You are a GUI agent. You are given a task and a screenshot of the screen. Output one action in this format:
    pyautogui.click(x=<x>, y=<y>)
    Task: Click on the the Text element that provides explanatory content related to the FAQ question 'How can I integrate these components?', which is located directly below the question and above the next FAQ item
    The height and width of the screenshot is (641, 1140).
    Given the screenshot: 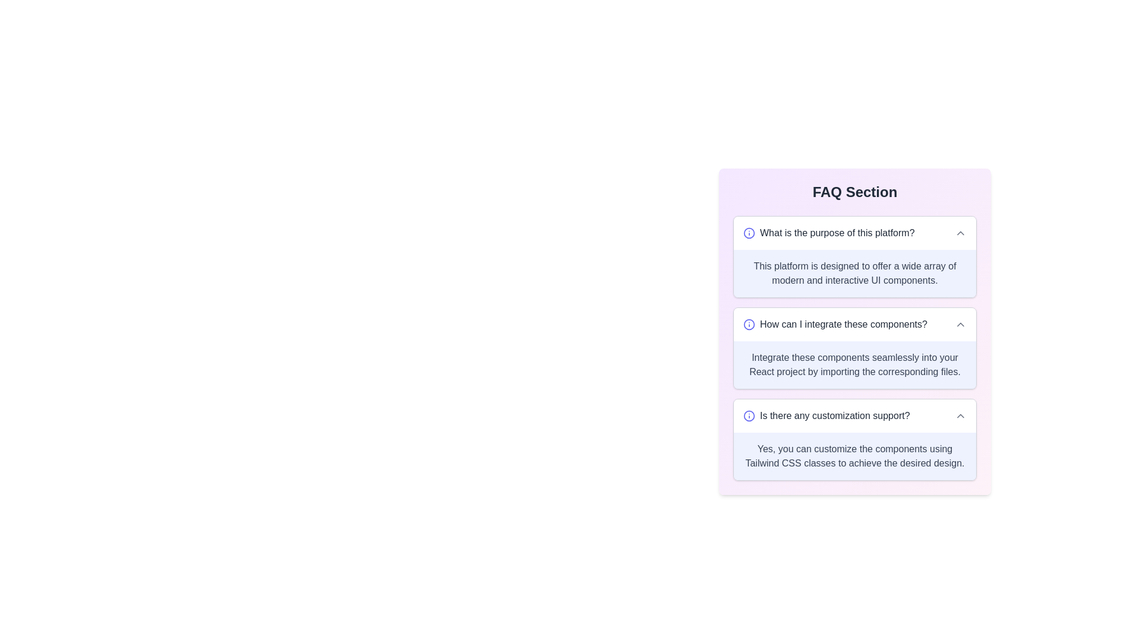 What is the action you would take?
    pyautogui.click(x=855, y=364)
    